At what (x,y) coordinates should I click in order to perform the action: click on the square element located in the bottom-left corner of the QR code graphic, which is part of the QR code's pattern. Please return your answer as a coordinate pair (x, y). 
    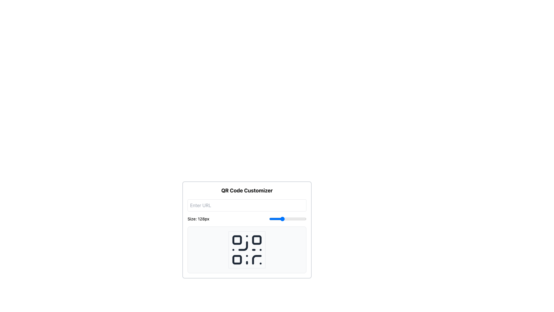
    Looking at the image, I should click on (237, 259).